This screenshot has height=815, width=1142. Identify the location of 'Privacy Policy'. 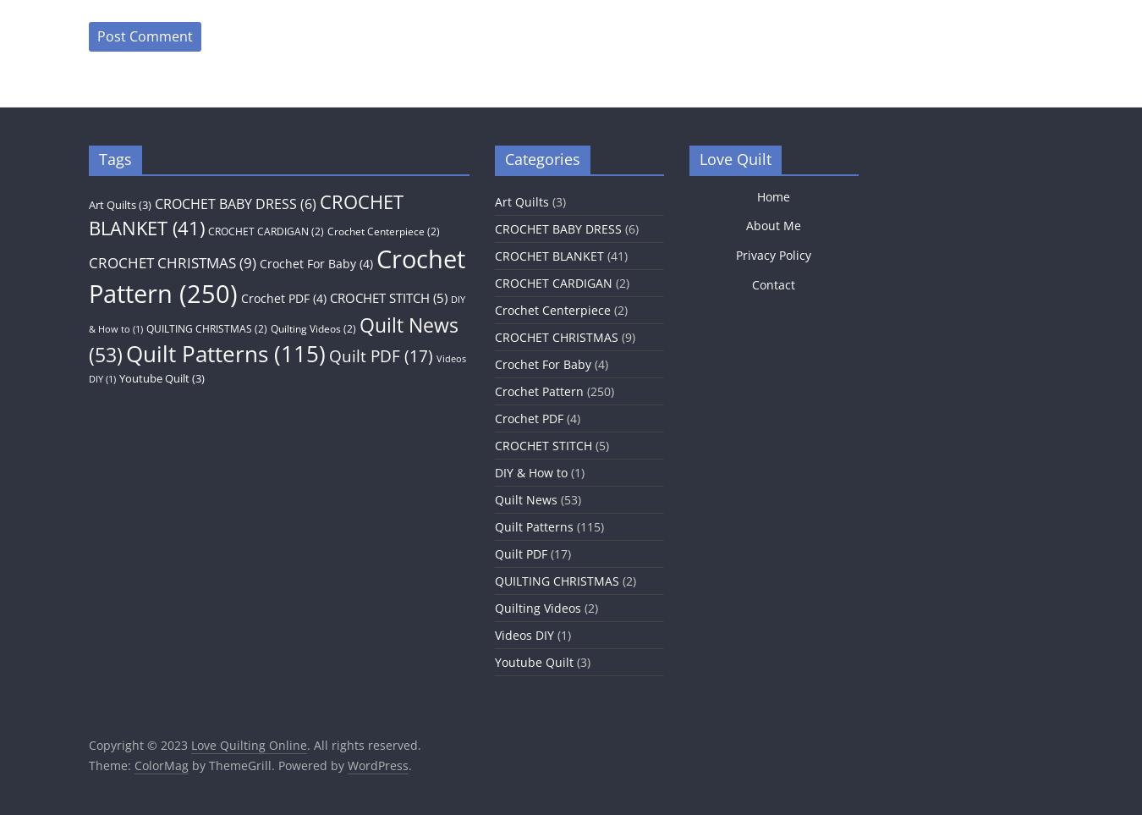
(772, 253).